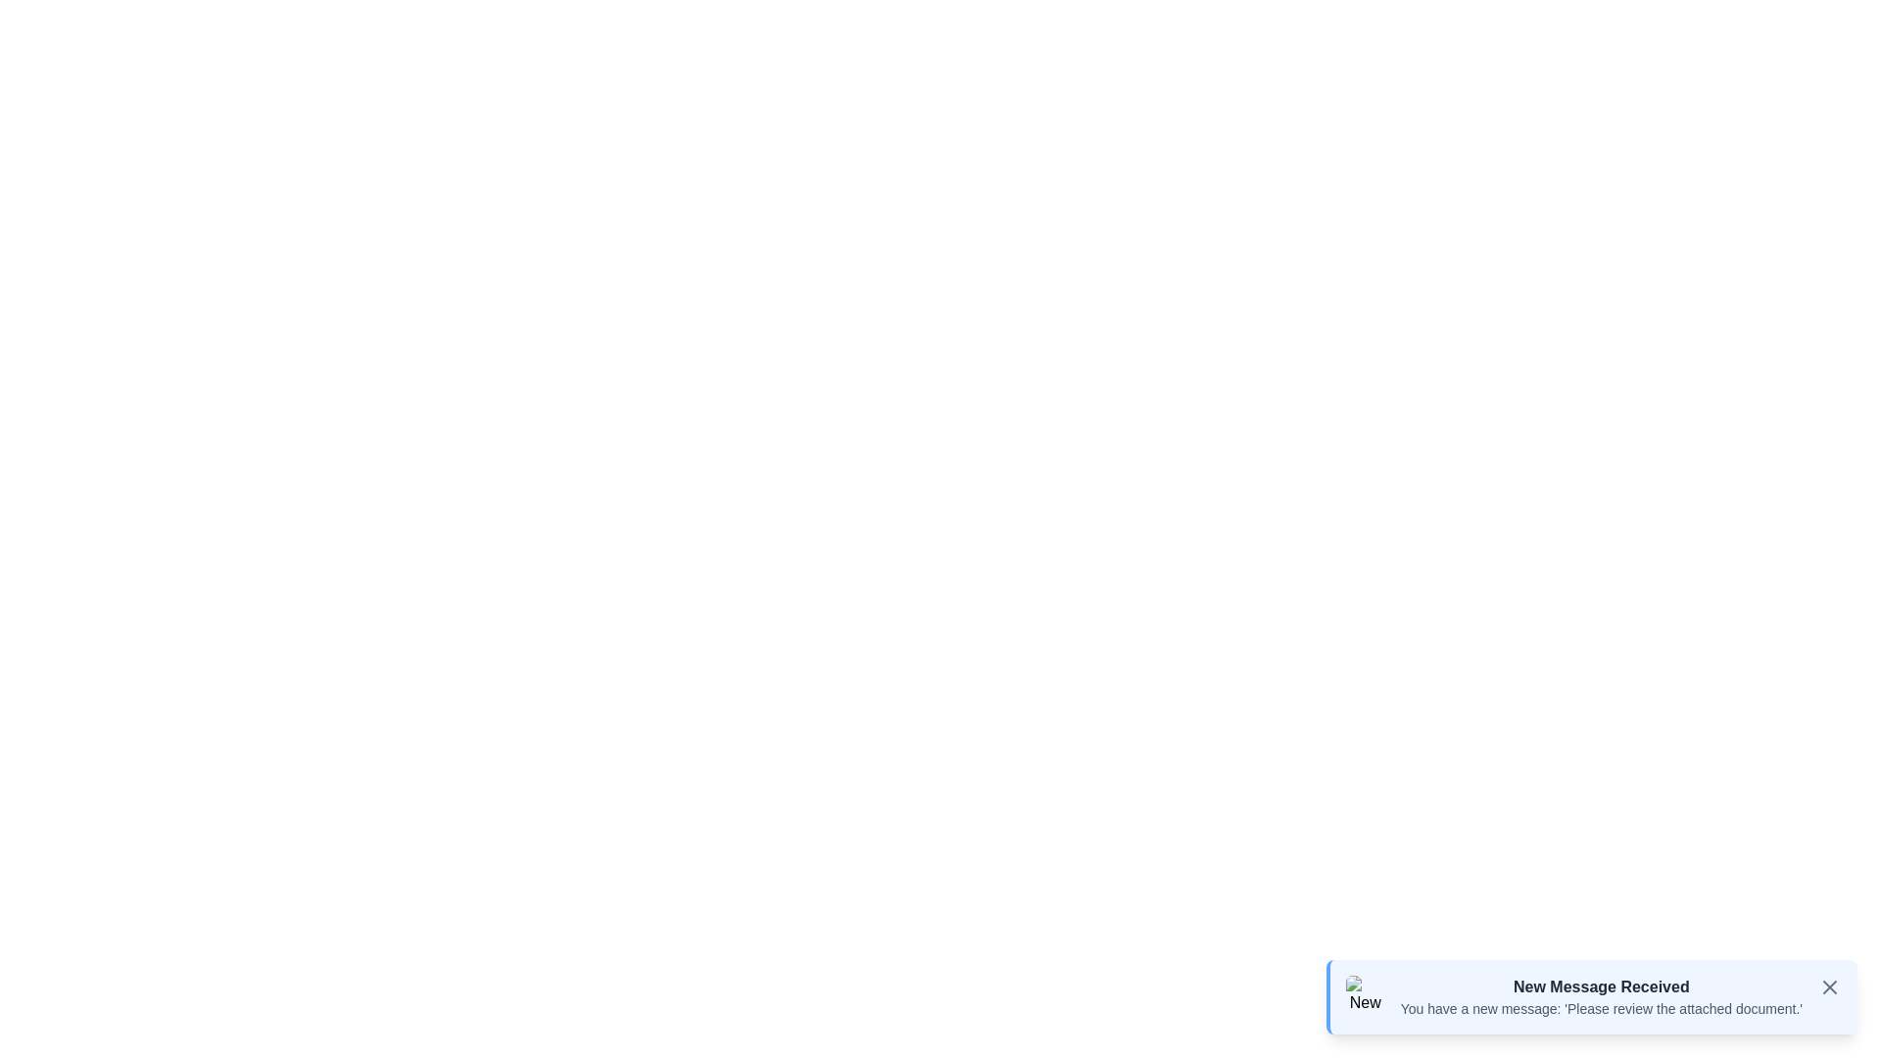 The height and width of the screenshot is (1058, 1881). What do you see at coordinates (1828, 986) in the screenshot?
I see `the close button in the snackbar to dismiss it` at bounding box center [1828, 986].